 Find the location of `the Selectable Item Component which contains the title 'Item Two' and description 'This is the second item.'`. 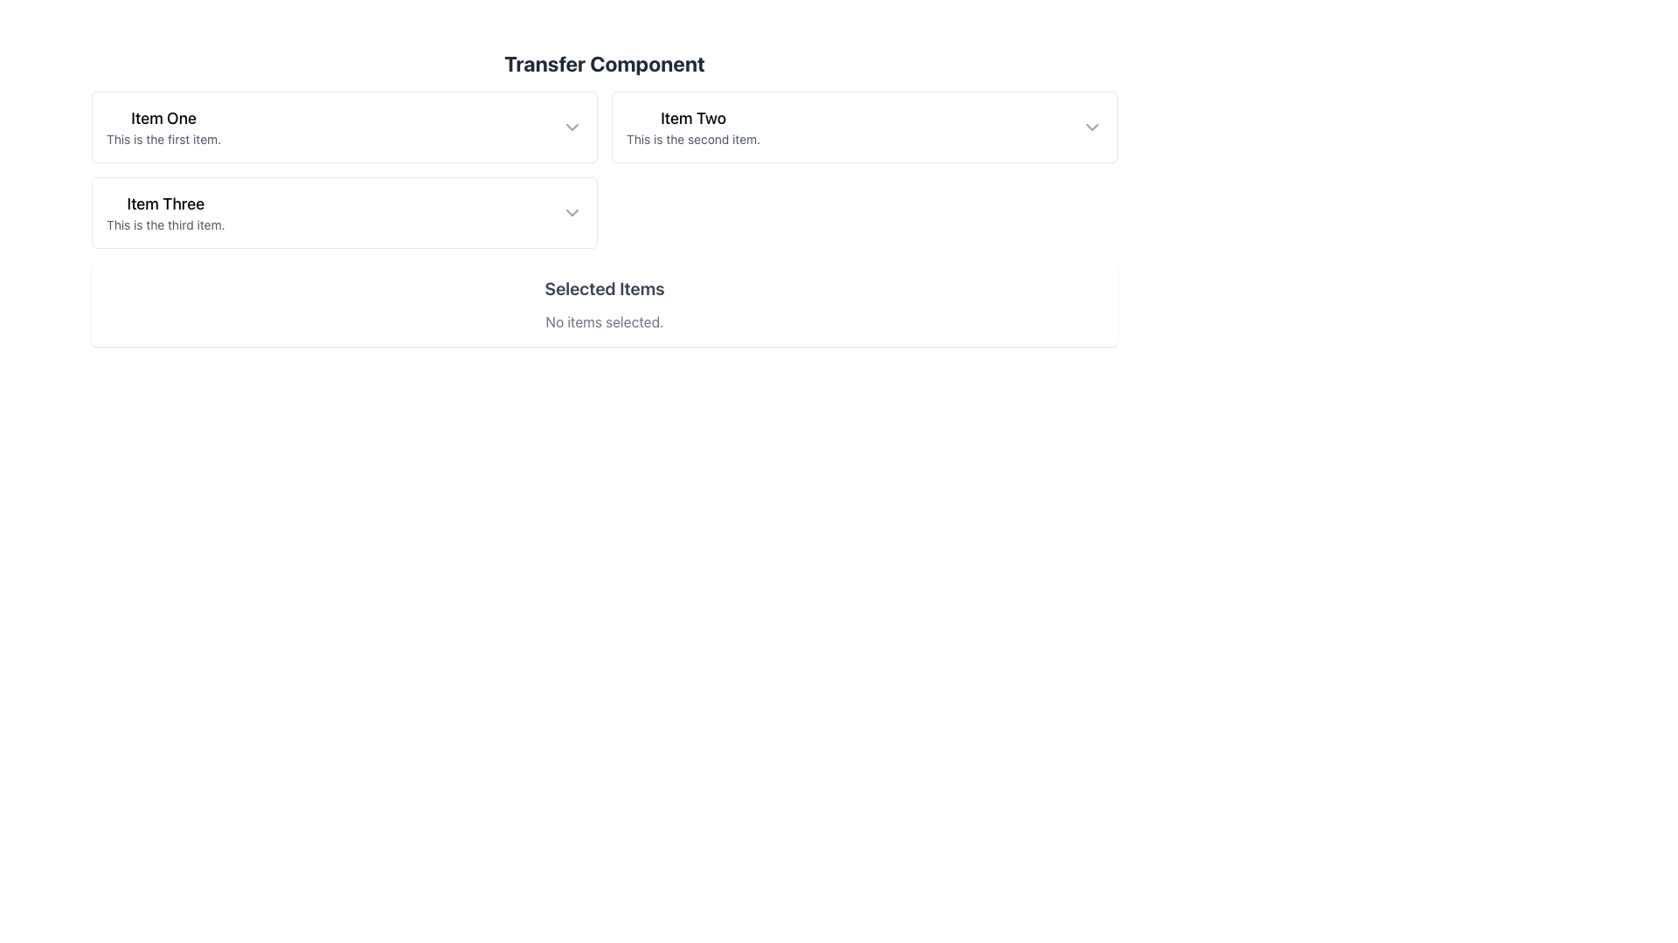

the Selectable Item Component which contains the title 'Item Two' and description 'This is the second item.' is located at coordinates (864, 127).